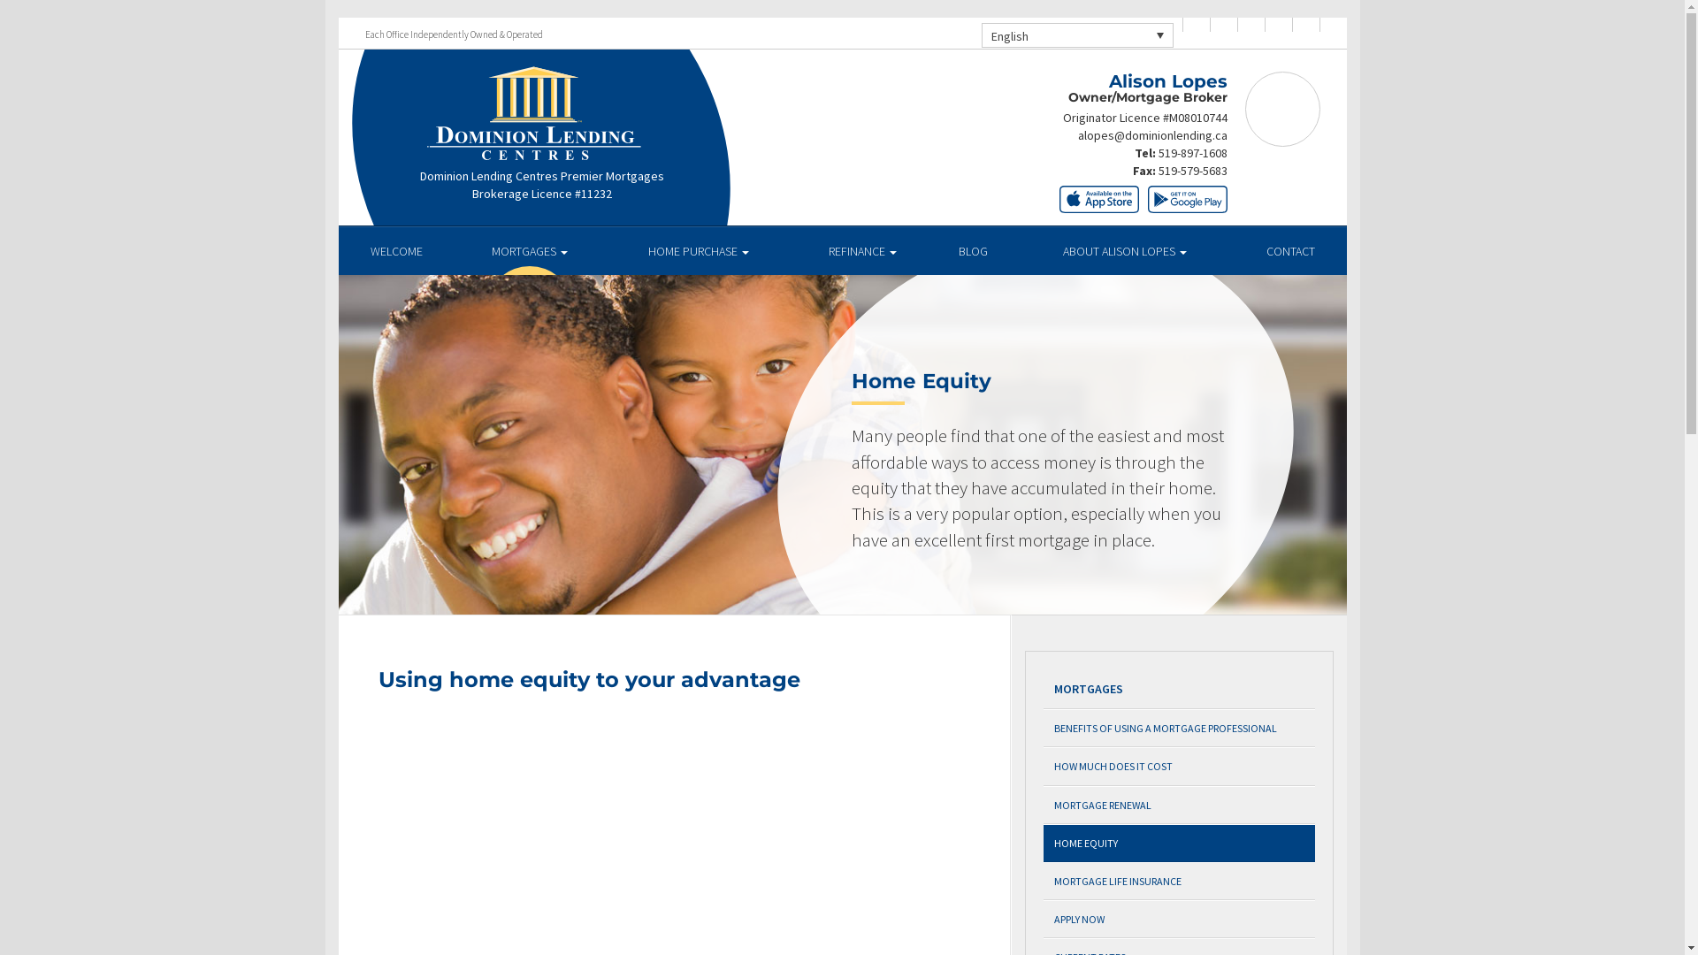 The width and height of the screenshot is (1698, 955). I want to click on 'English', so click(1076, 34).